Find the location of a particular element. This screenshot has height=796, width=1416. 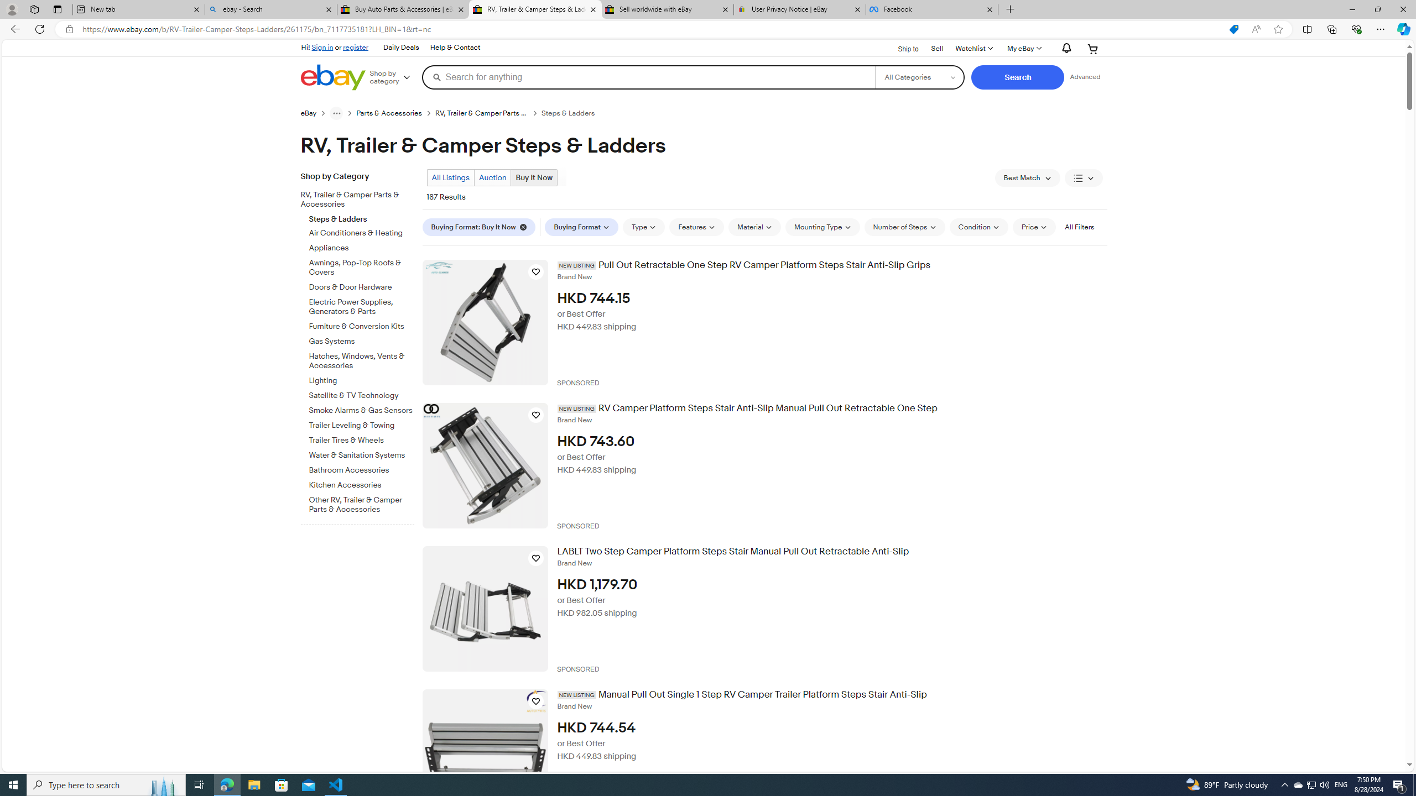

'Sell worldwide with eBay' is located at coordinates (666, 9).